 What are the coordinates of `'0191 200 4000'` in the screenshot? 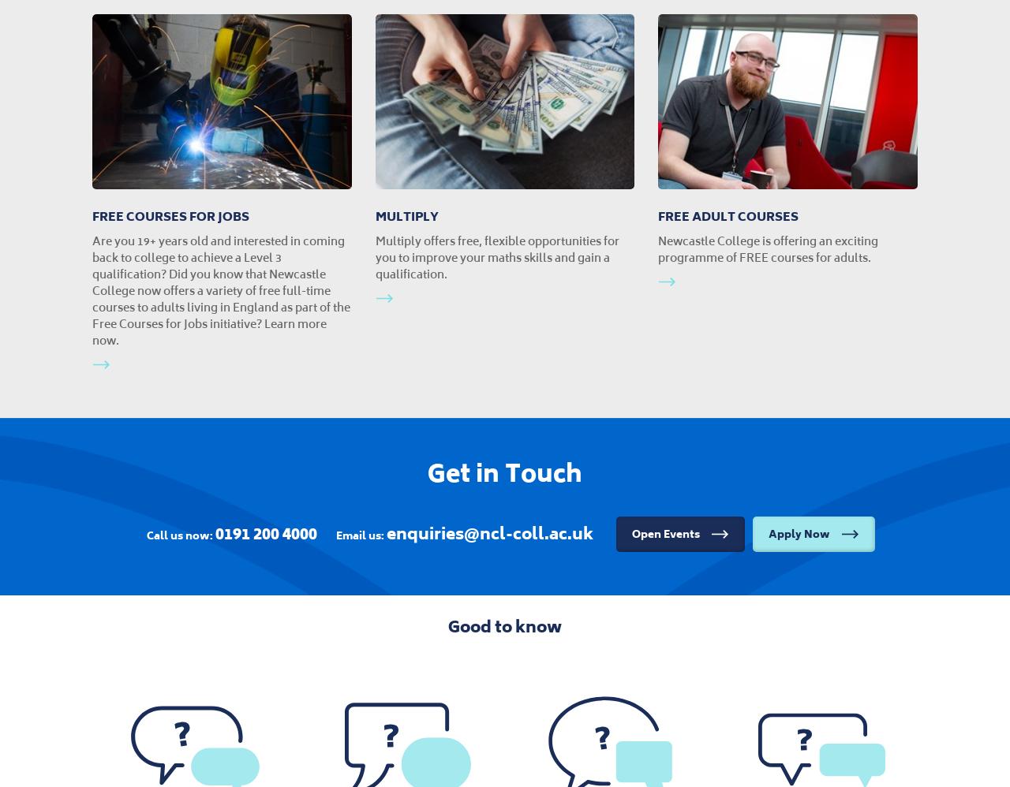 It's located at (215, 532).